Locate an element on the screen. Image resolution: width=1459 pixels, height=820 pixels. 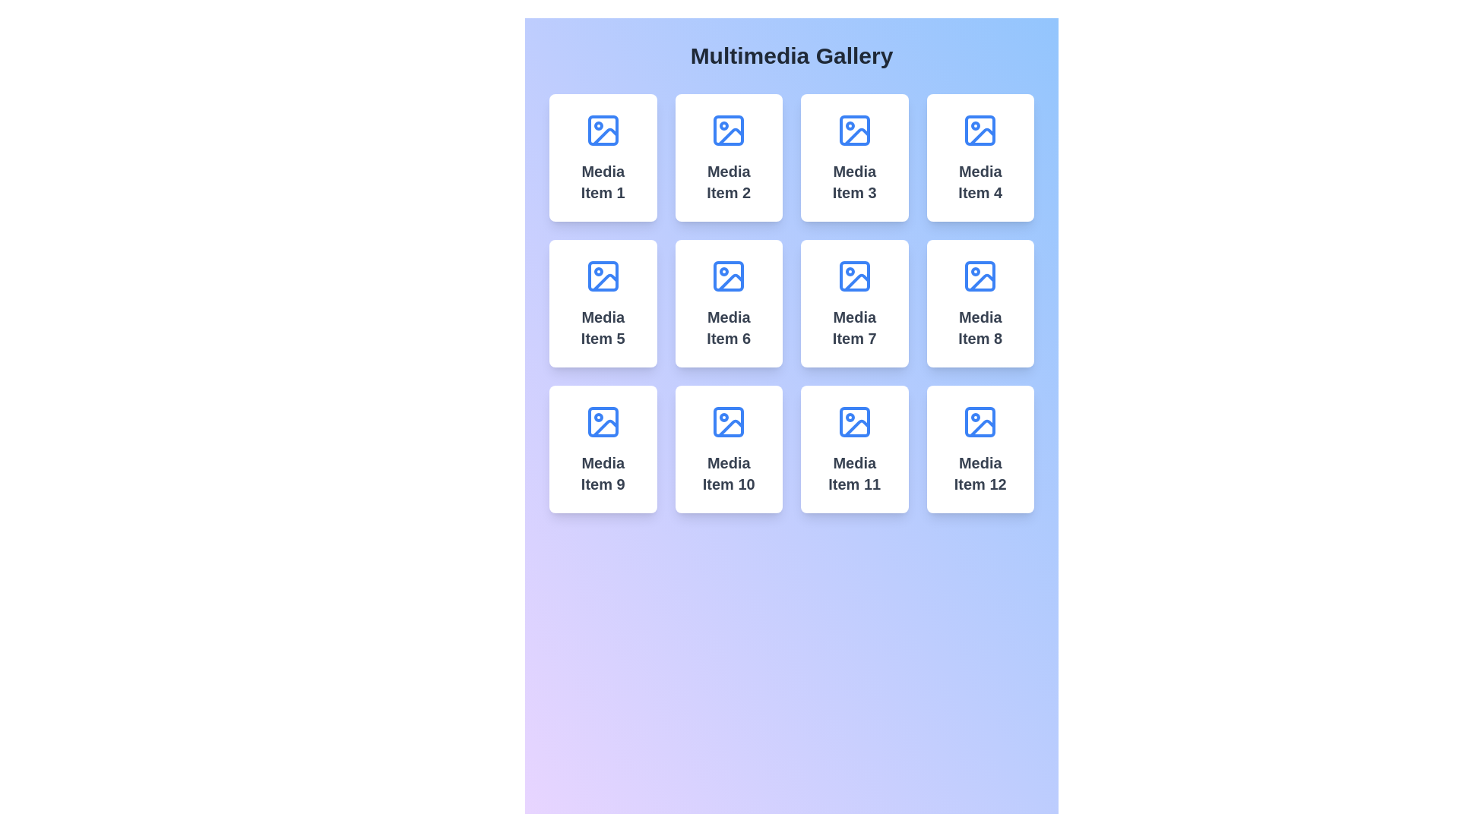
the Card element representing 'Media Item 9' is located at coordinates (602, 448).